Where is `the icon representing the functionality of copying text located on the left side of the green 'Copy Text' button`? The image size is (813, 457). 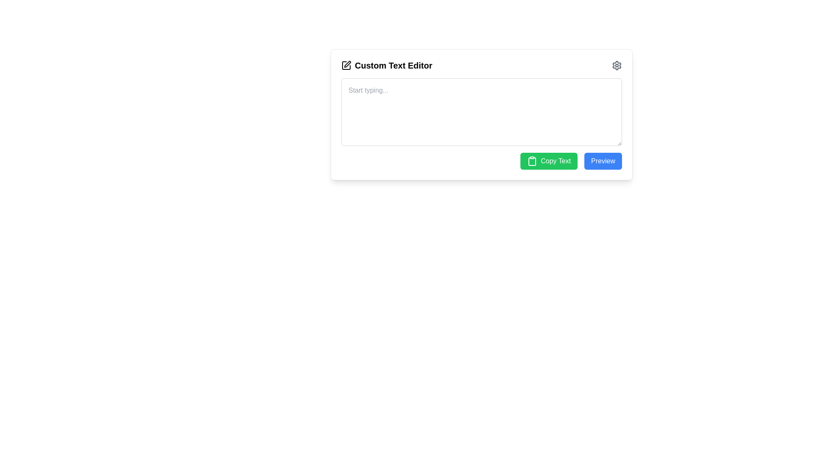
the icon representing the functionality of copying text located on the left side of the green 'Copy Text' button is located at coordinates (532, 161).